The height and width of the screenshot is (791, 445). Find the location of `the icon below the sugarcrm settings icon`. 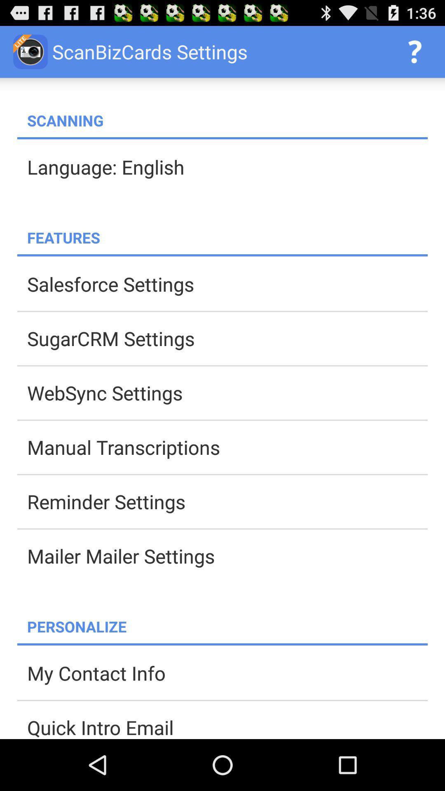

the icon below the sugarcrm settings icon is located at coordinates (227, 392).